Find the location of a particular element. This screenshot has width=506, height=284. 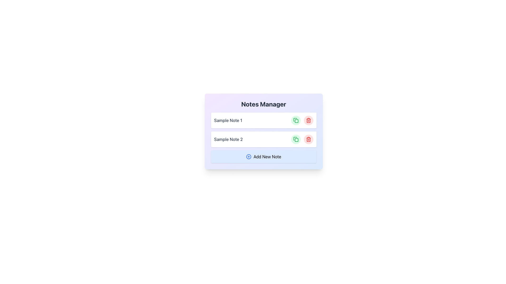

the blue circular icon with a plus sign located on the 'Add New Note' button at the bottom of the Notes Manager interface is located at coordinates (249, 156).